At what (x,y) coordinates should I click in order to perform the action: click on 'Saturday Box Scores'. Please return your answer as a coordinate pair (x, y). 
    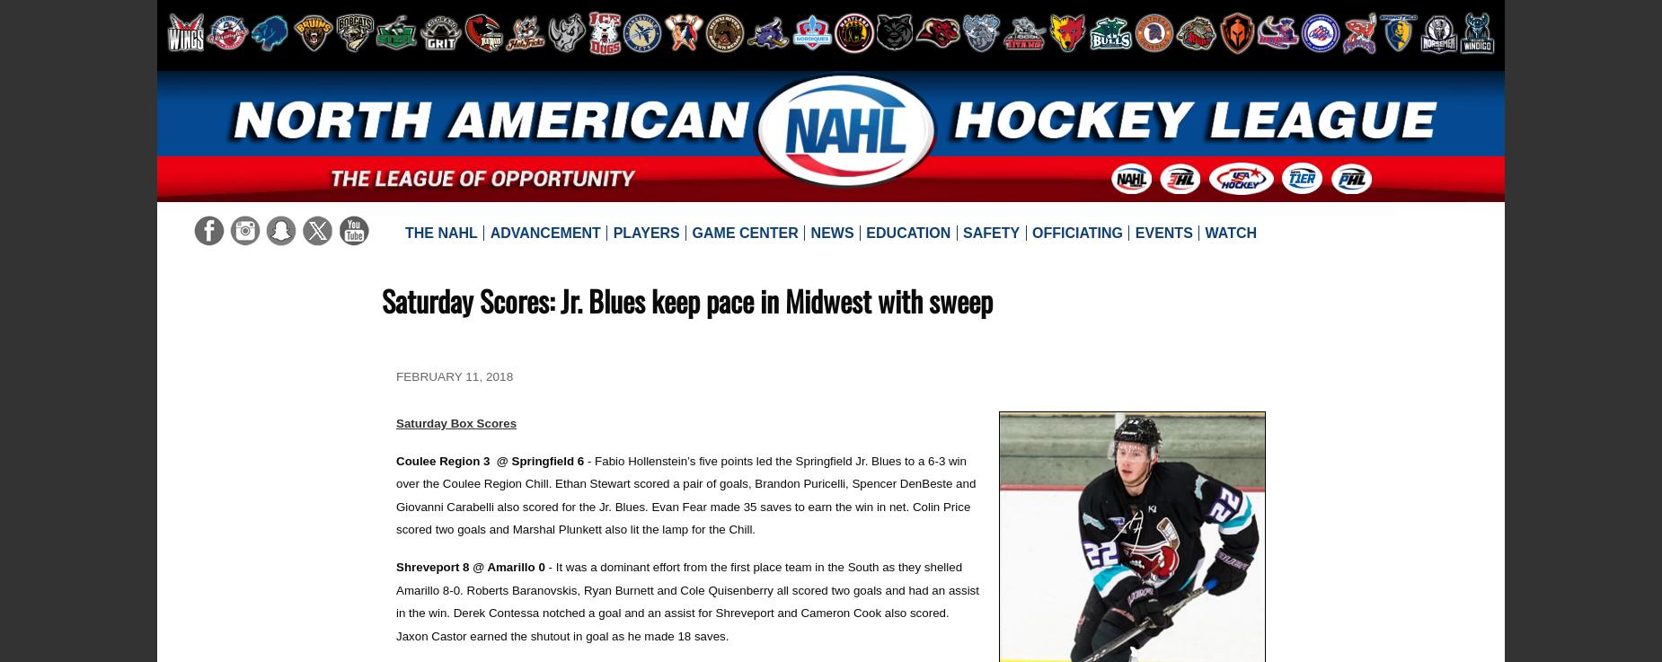
    Looking at the image, I should click on (456, 423).